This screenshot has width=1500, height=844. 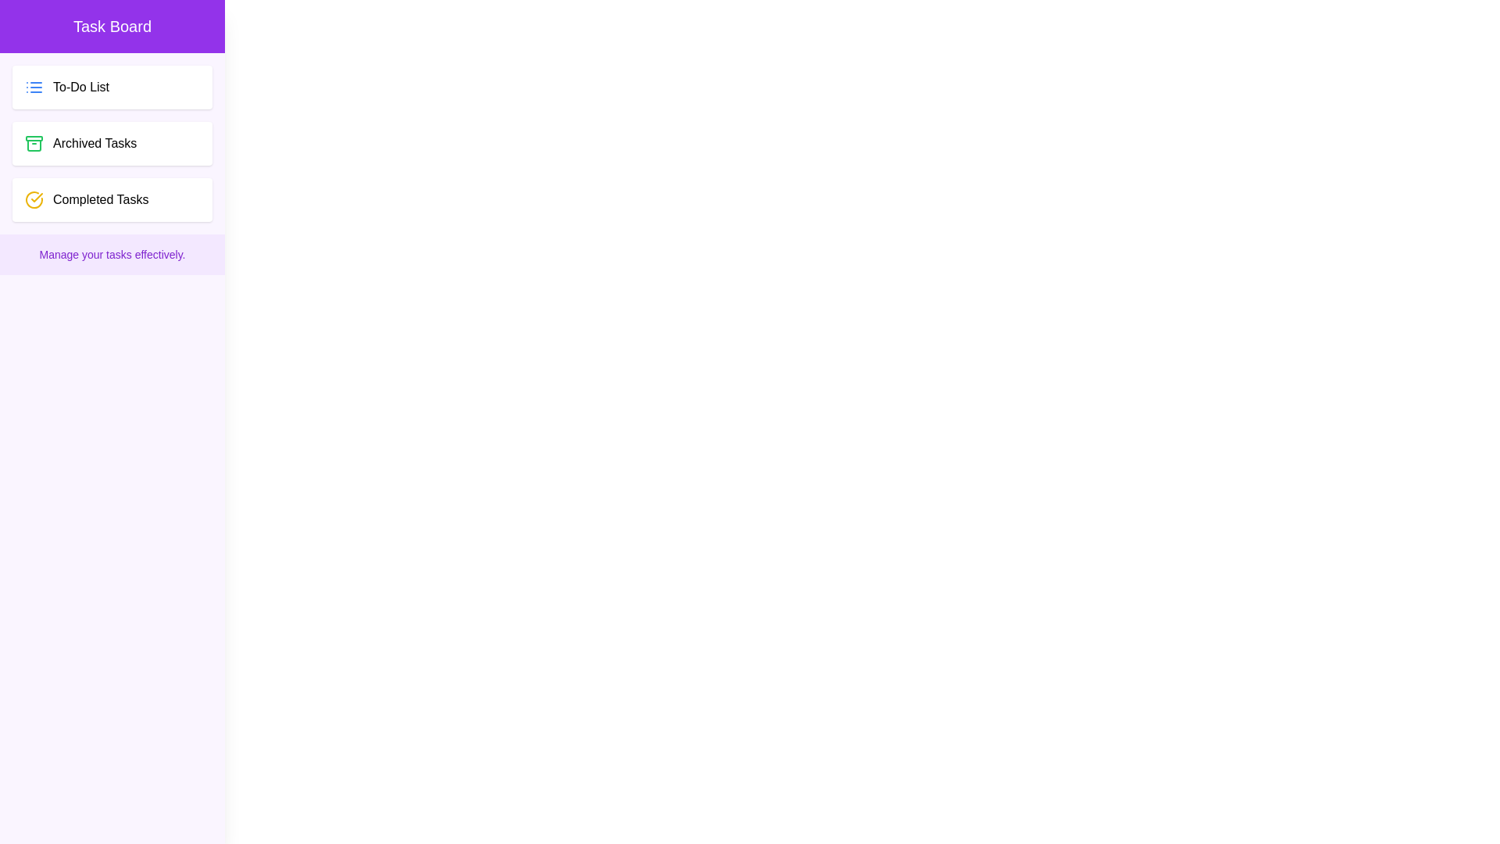 I want to click on the informational text at the bottom of the drawer, so click(x=112, y=254).